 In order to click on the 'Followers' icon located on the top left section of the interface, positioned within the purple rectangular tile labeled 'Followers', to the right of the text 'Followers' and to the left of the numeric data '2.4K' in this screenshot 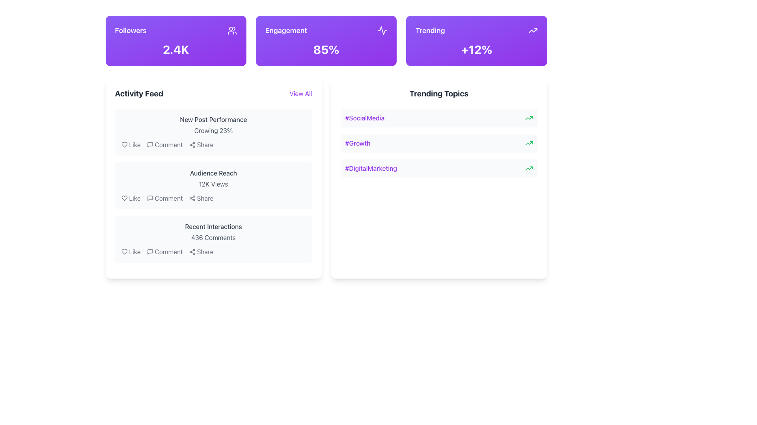, I will do `click(231, 30)`.